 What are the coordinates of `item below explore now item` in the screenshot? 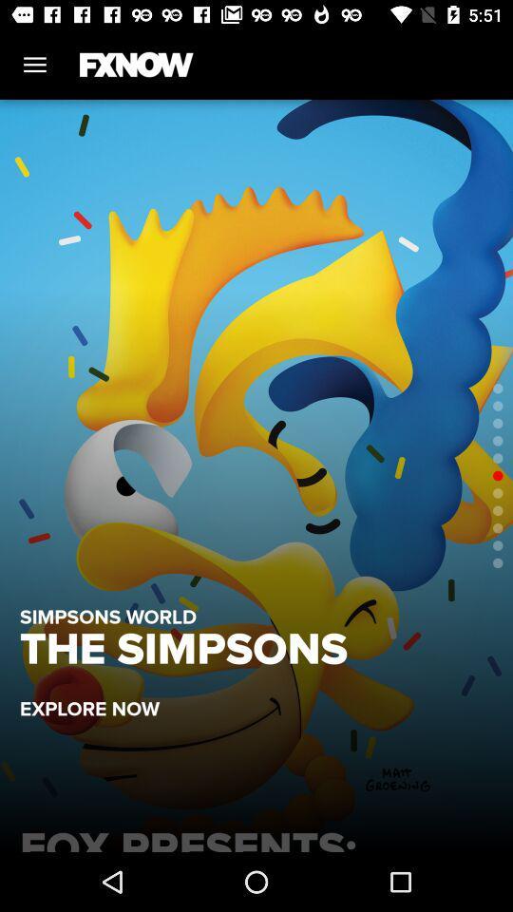 It's located at (256, 836).